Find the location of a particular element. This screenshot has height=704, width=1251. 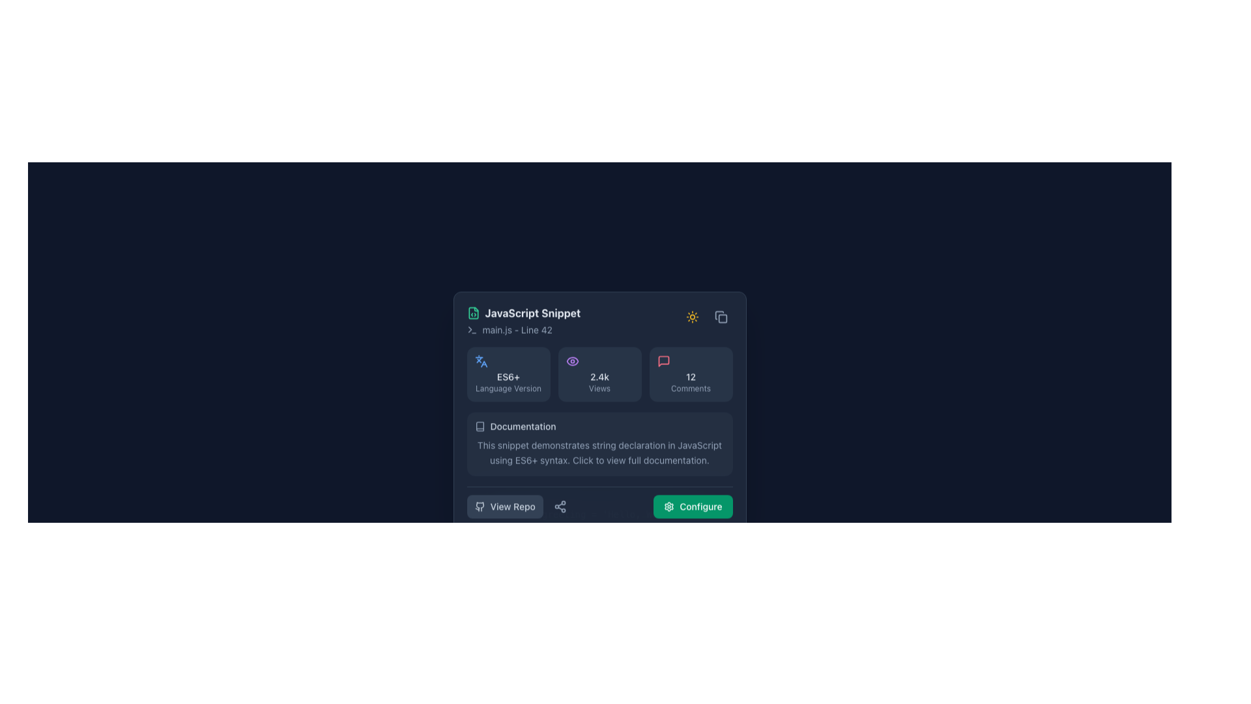

the left button labeled 'View Repo' on the UI control panel located at the bottom of the detailed card interface for the JavaScript snippet is located at coordinates (599, 501).